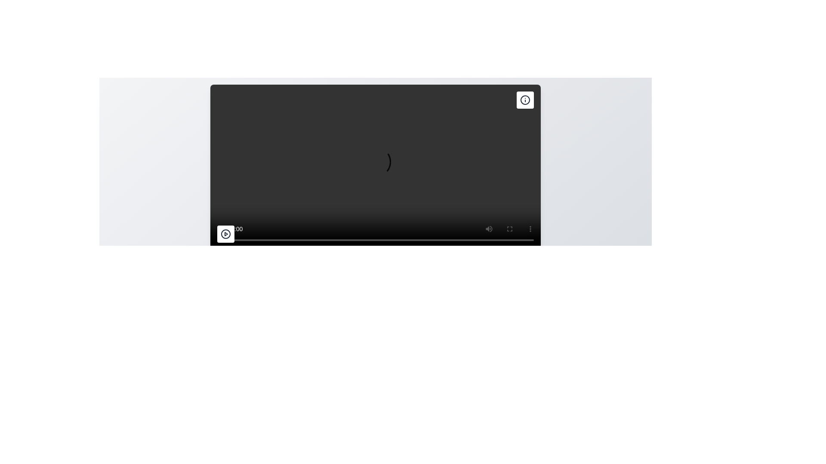 Image resolution: width=826 pixels, height=464 pixels. Describe the element at coordinates (225, 234) in the screenshot. I see `the Play button located at the bottom-left corner of the video player to play the video content` at that location.